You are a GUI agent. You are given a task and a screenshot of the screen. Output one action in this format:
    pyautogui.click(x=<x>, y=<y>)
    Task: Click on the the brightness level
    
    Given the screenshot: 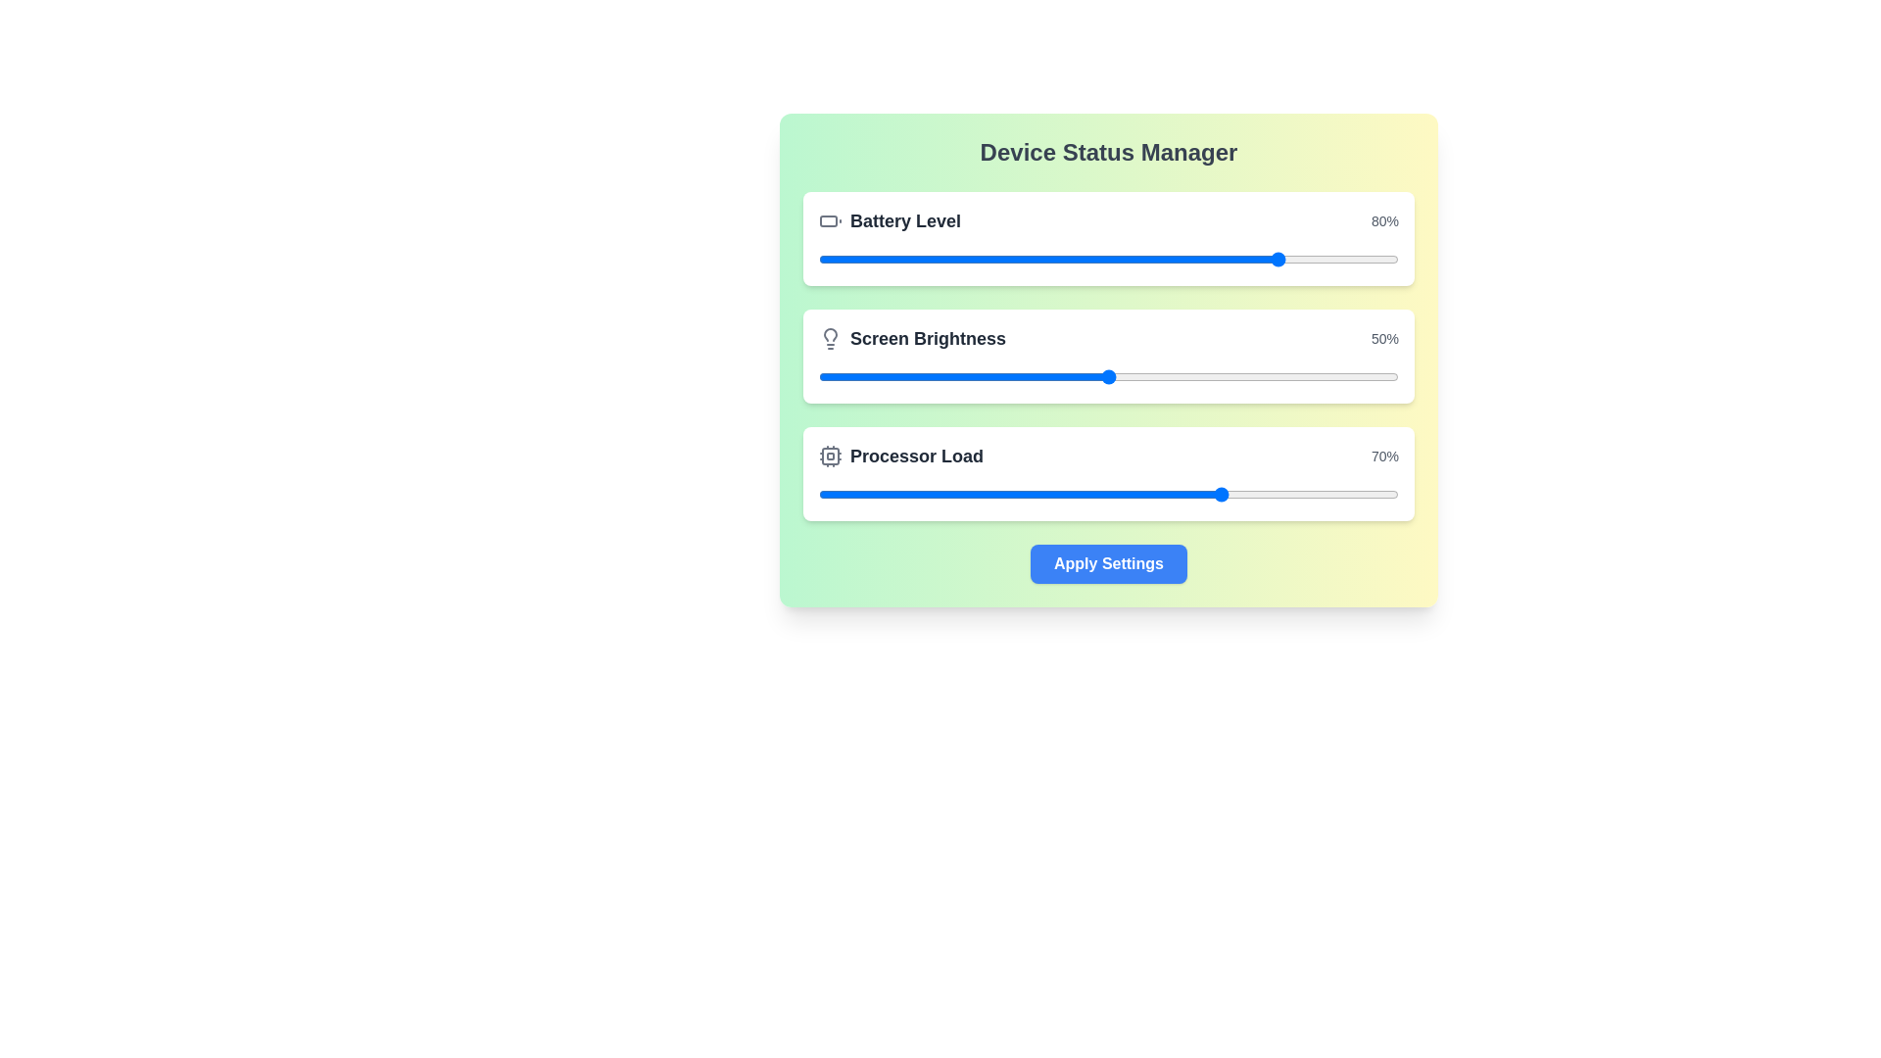 What is the action you would take?
    pyautogui.click(x=892, y=377)
    